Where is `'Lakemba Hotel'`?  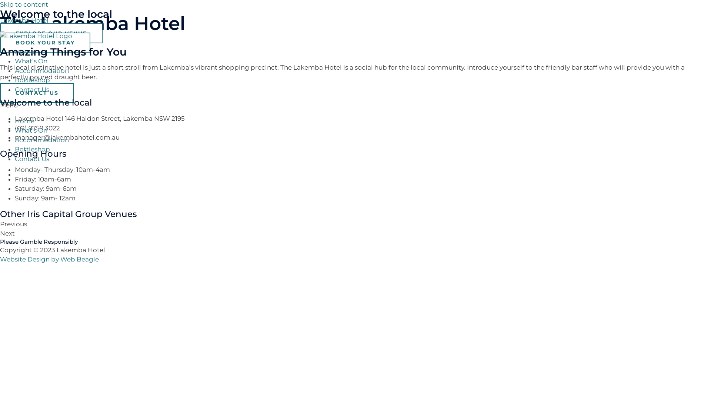 'Lakemba Hotel' is located at coordinates (0, 20).